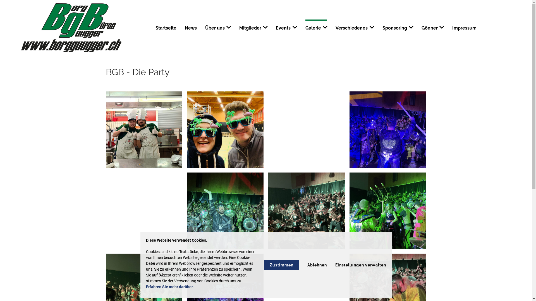  I want to click on 'Einstellungen verwalten', so click(360, 265).